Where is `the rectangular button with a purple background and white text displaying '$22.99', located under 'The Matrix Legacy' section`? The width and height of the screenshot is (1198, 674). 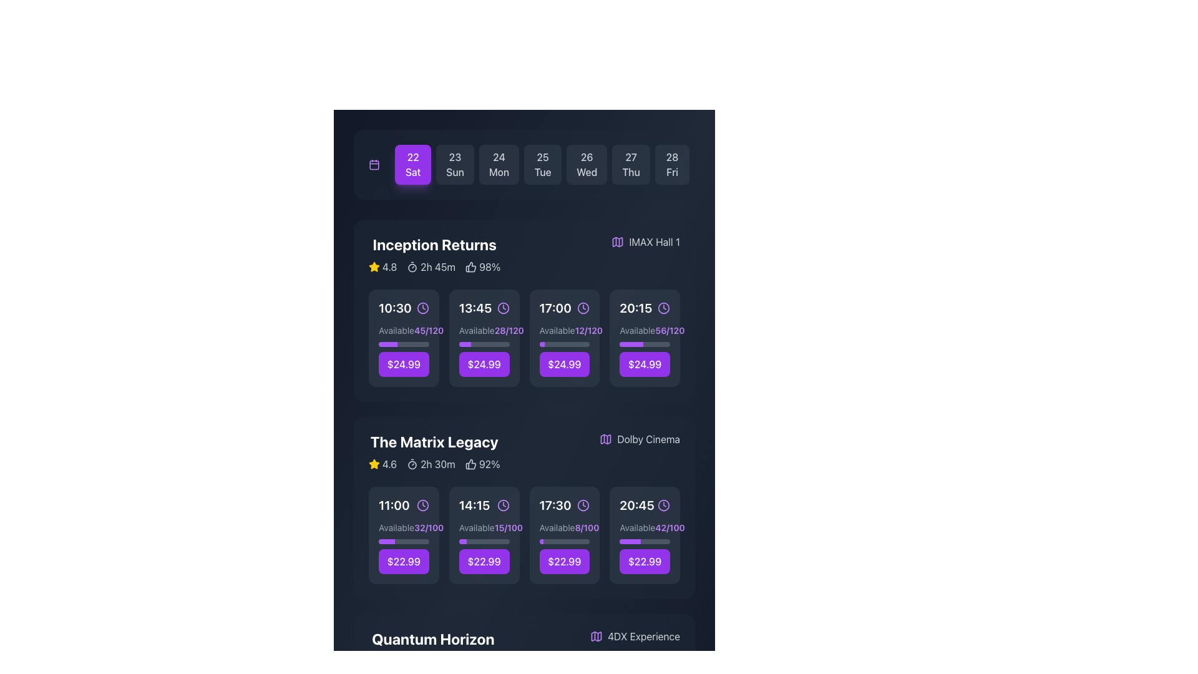
the rectangular button with a purple background and white text displaying '$22.99', located under 'The Matrix Legacy' section is located at coordinates (645, 560).